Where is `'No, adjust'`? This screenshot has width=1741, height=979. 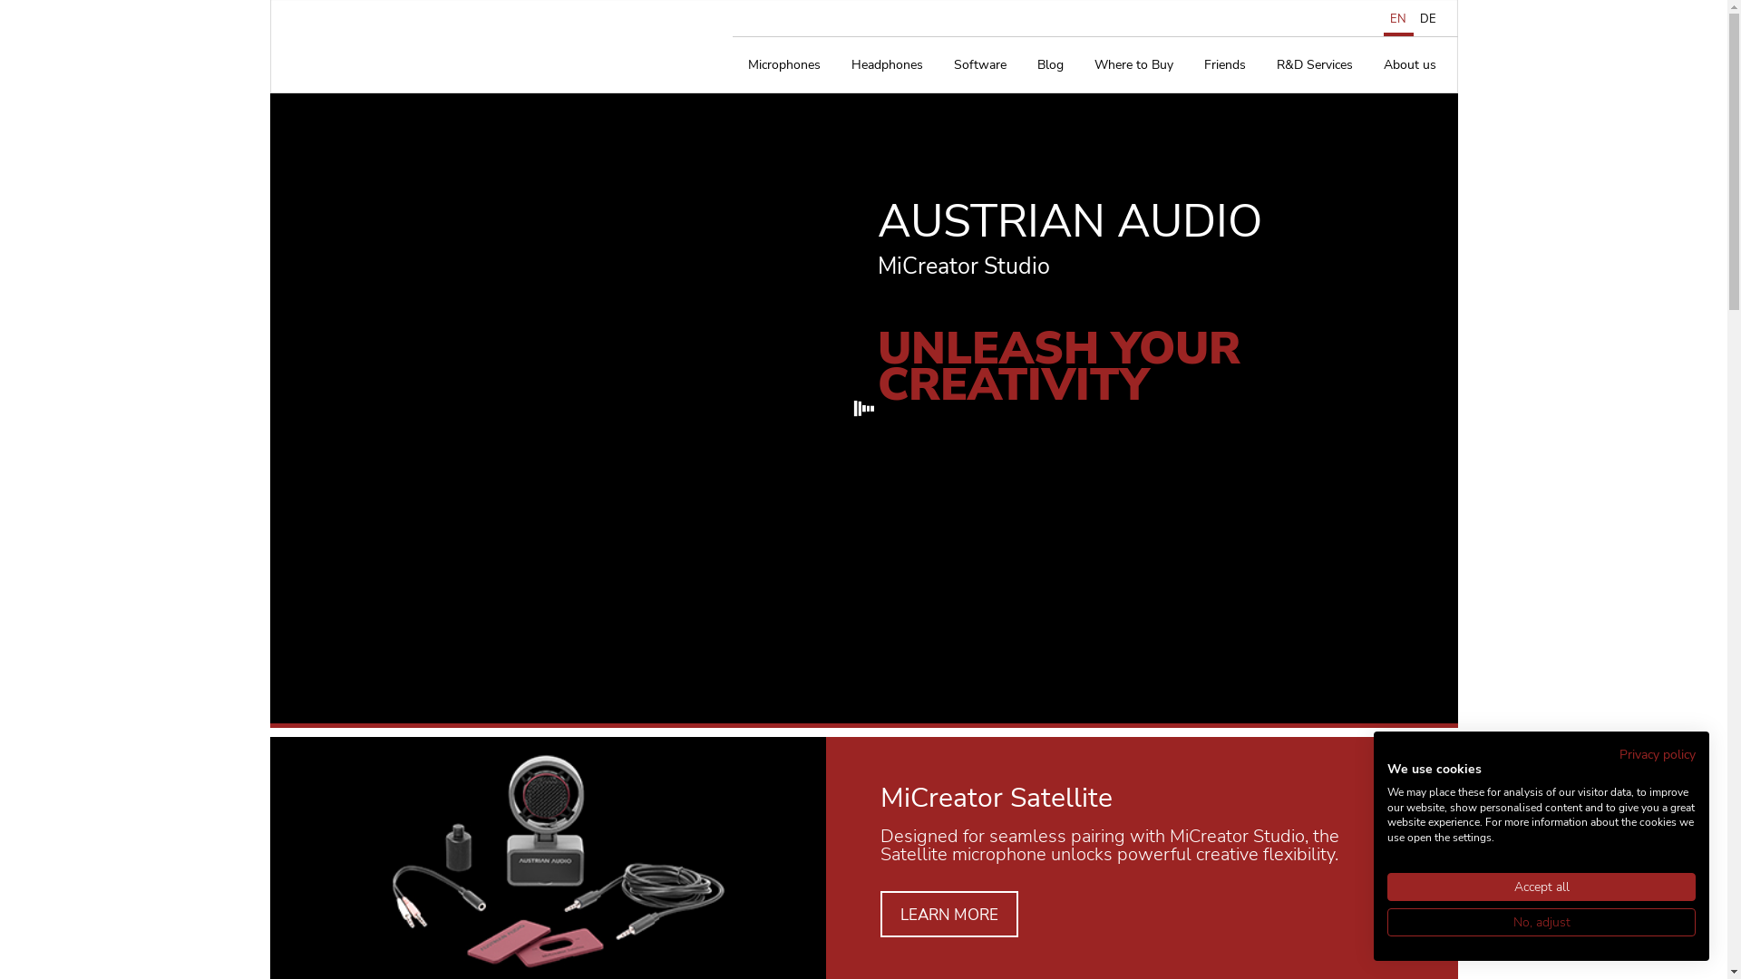 'No, adjust' is located at coordinates (1540, 922).